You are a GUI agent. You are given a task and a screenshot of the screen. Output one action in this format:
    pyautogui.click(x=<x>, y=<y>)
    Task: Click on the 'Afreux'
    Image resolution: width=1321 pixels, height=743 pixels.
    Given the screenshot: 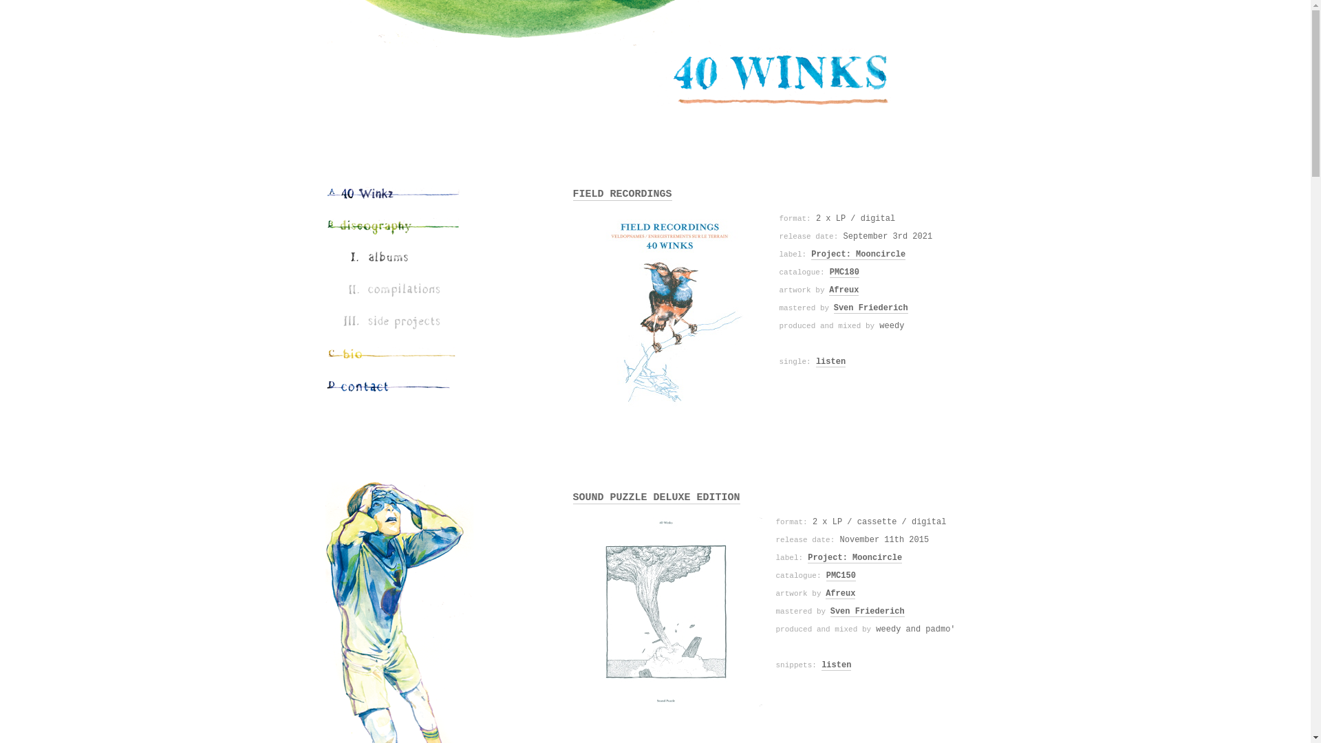 What is the action you would take?
    pyautogui.click(x=839, y=593)
    